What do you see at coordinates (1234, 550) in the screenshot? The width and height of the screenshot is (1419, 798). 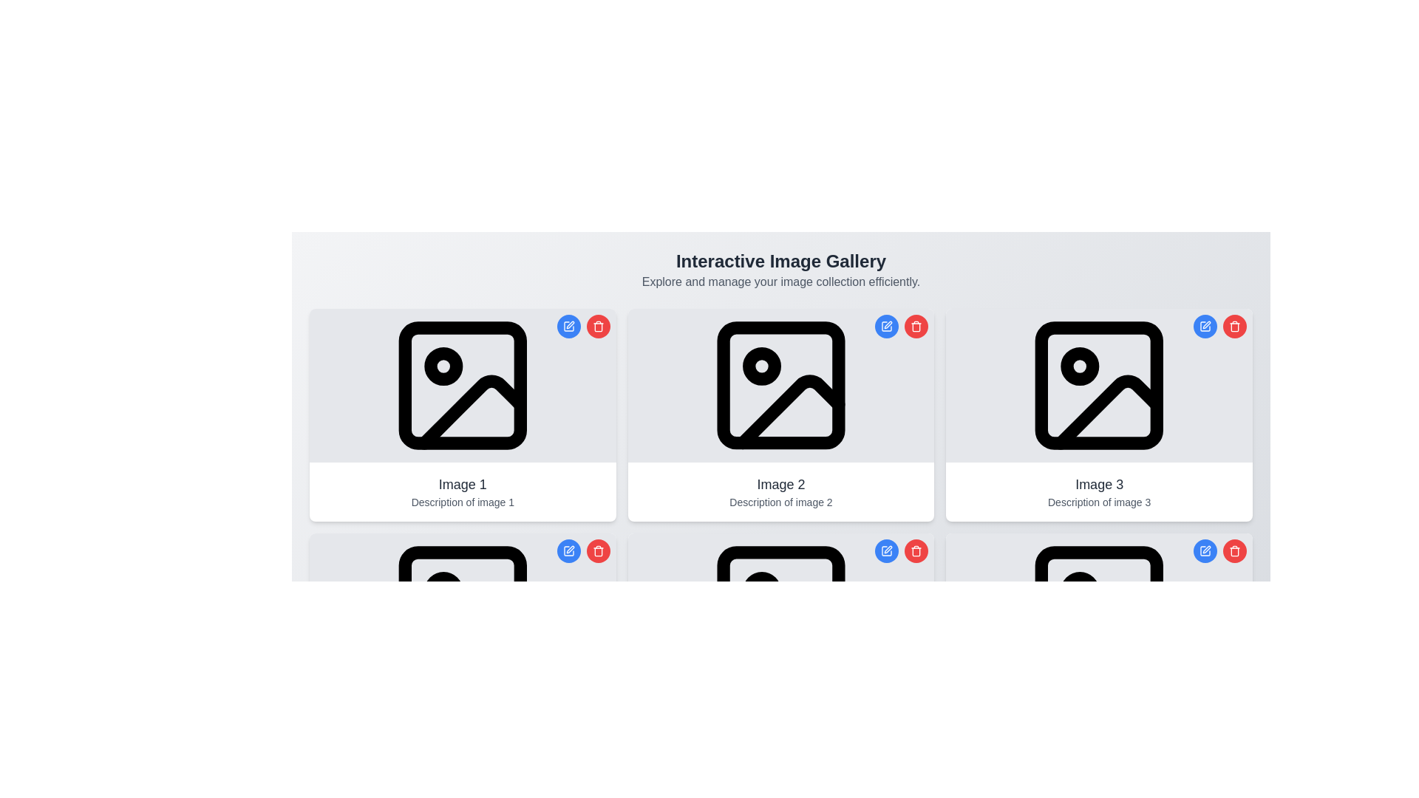 I see `the delete button located in the top-right corner of the 'Image 3' card, which is next to an edit button with a blue background` at bounding box center [1234, 550].